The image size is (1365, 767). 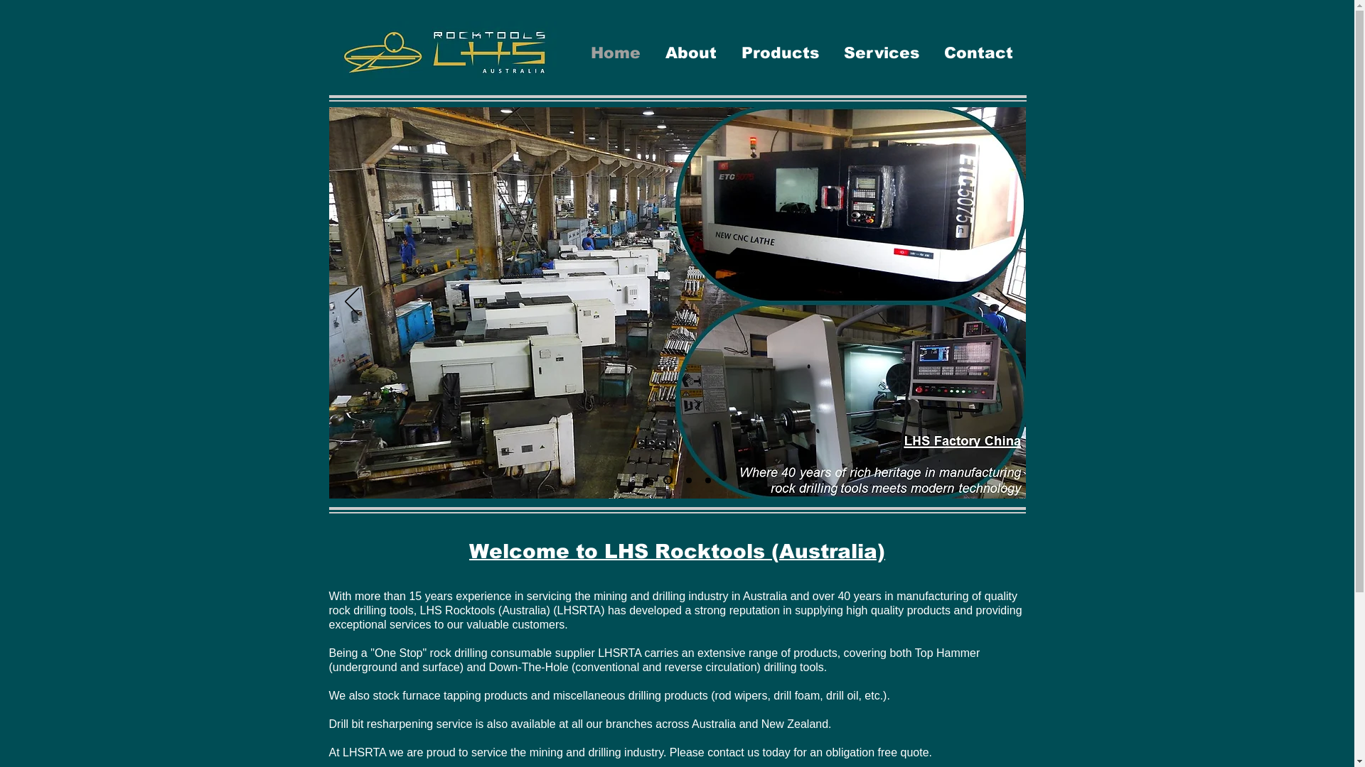 I want to click on 'About', so click(x=690, y=52).